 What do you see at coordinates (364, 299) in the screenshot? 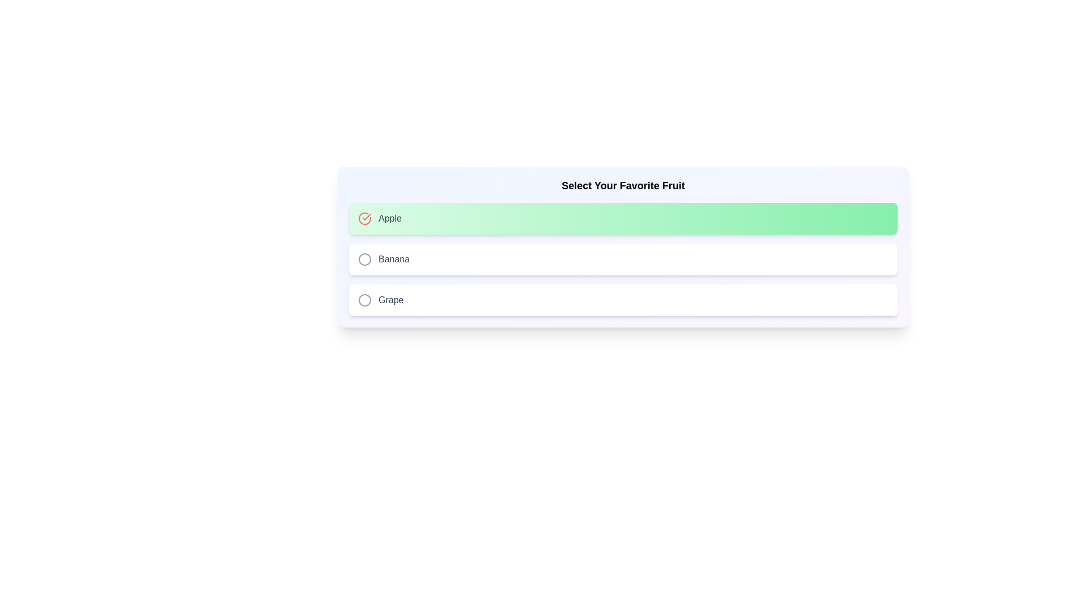
I see `the radio button associated with the 'Grape' option` at bounding box center [364, 299].